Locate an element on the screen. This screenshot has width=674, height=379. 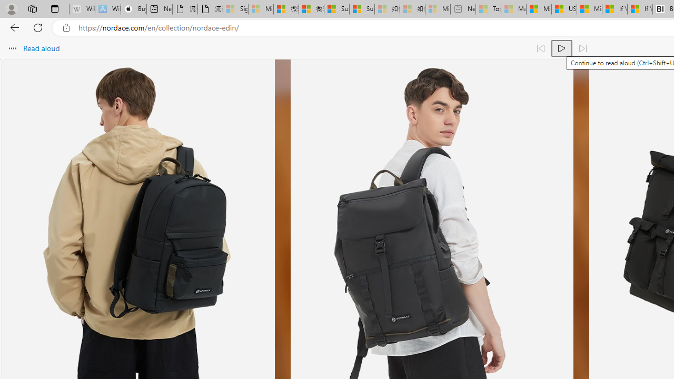
'Sign in to your Microsoft account - Sleeping' is located at coordinates (235, 9).